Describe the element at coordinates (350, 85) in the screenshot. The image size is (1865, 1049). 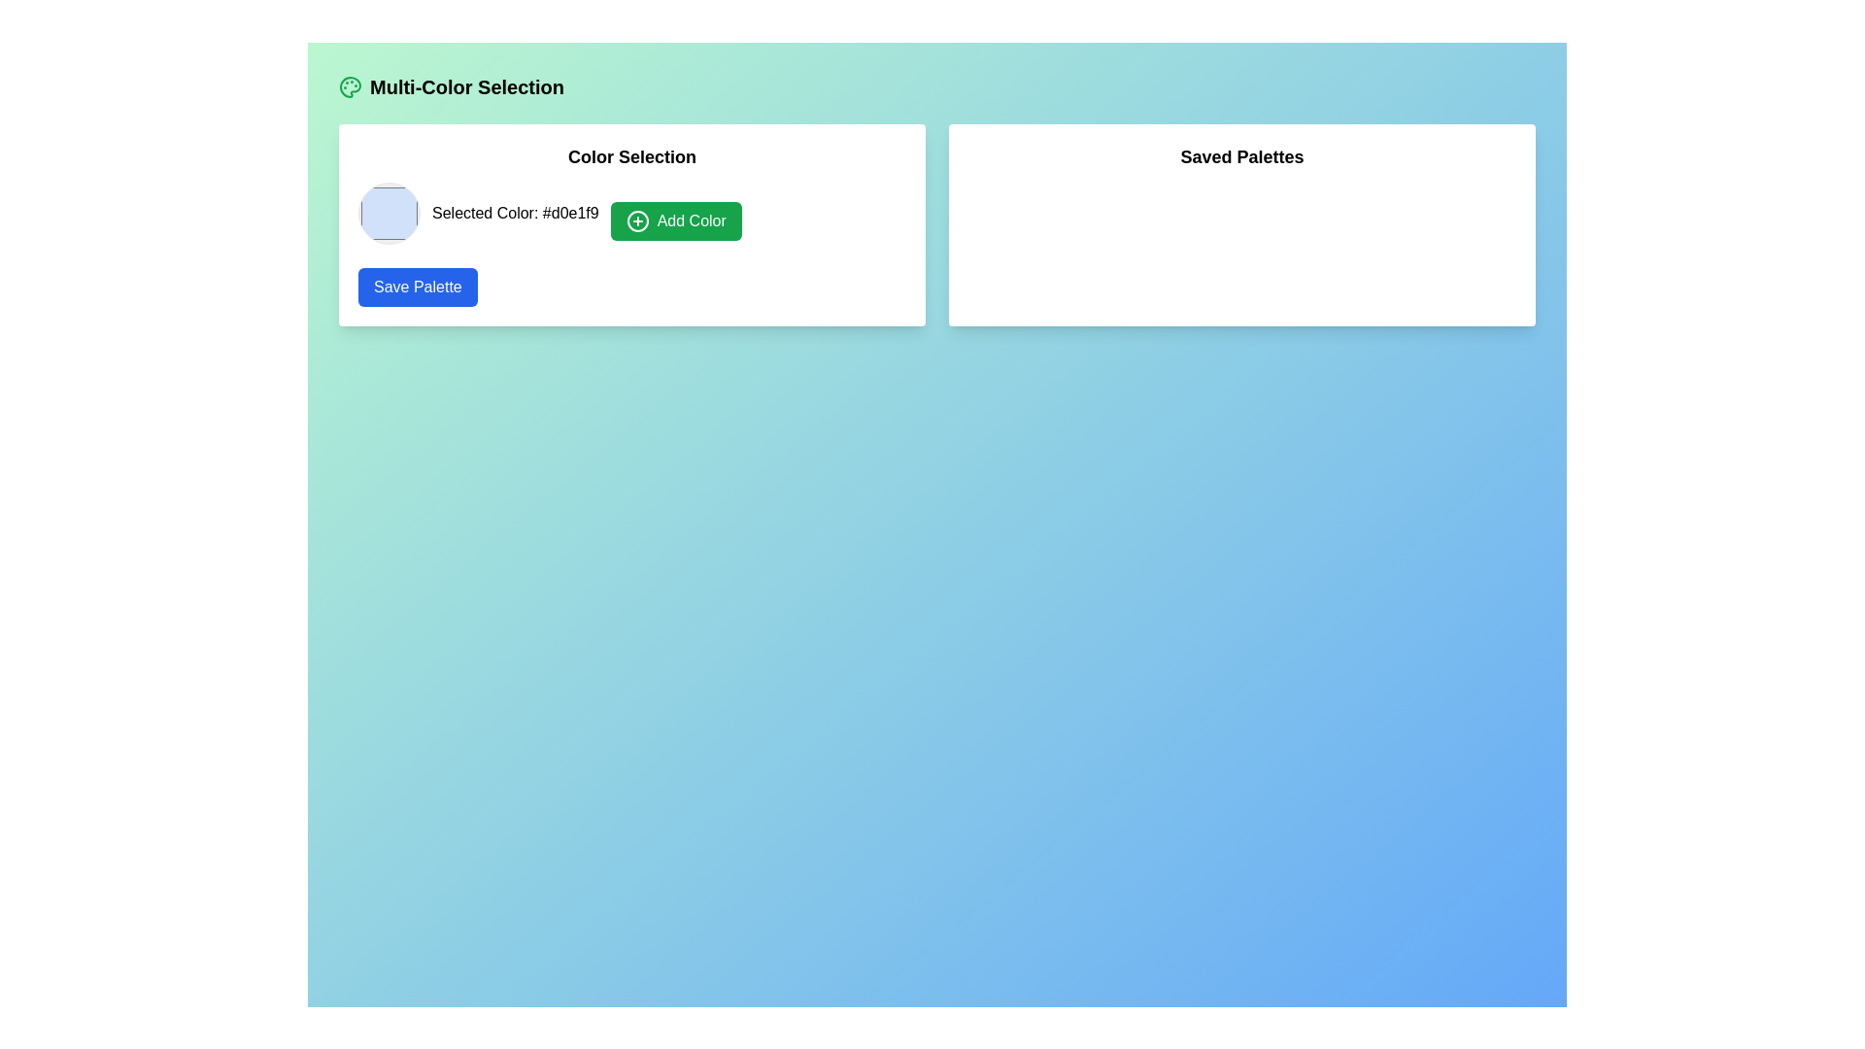
I see `the decorative SVG-based Icon located in the top-left corner of the interface, above the 'Multi-Color Selection' heading` at that location.